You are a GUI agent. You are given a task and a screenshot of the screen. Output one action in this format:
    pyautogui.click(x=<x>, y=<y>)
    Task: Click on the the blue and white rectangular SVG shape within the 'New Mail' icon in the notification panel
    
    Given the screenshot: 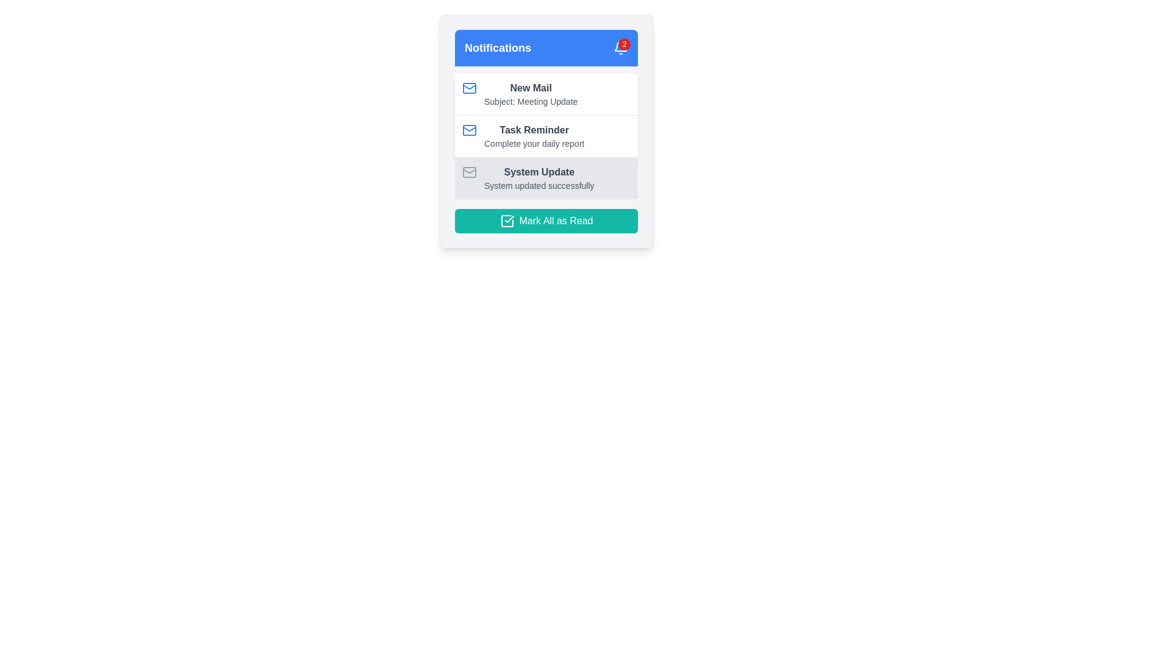 What is the action you would take?
    pyautogui.click(x=468, y=88)
    